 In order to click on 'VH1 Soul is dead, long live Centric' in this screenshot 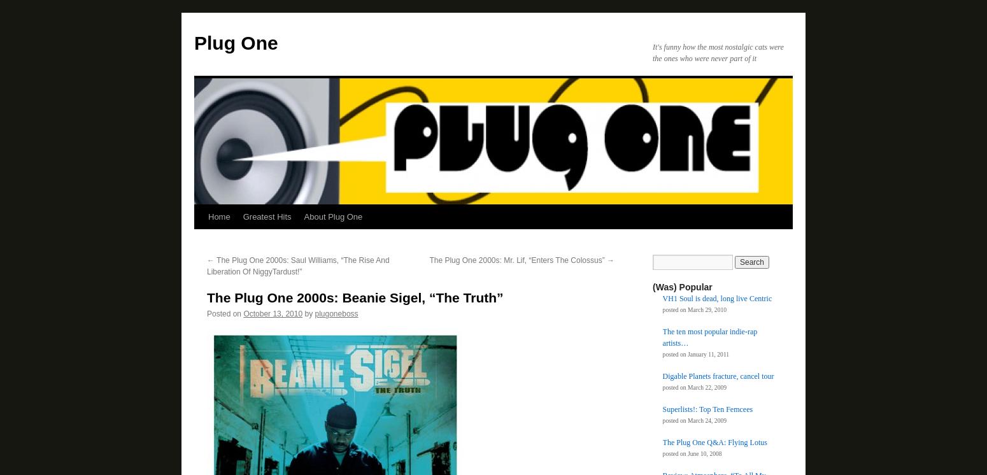, I will do `click(716, 299)`.